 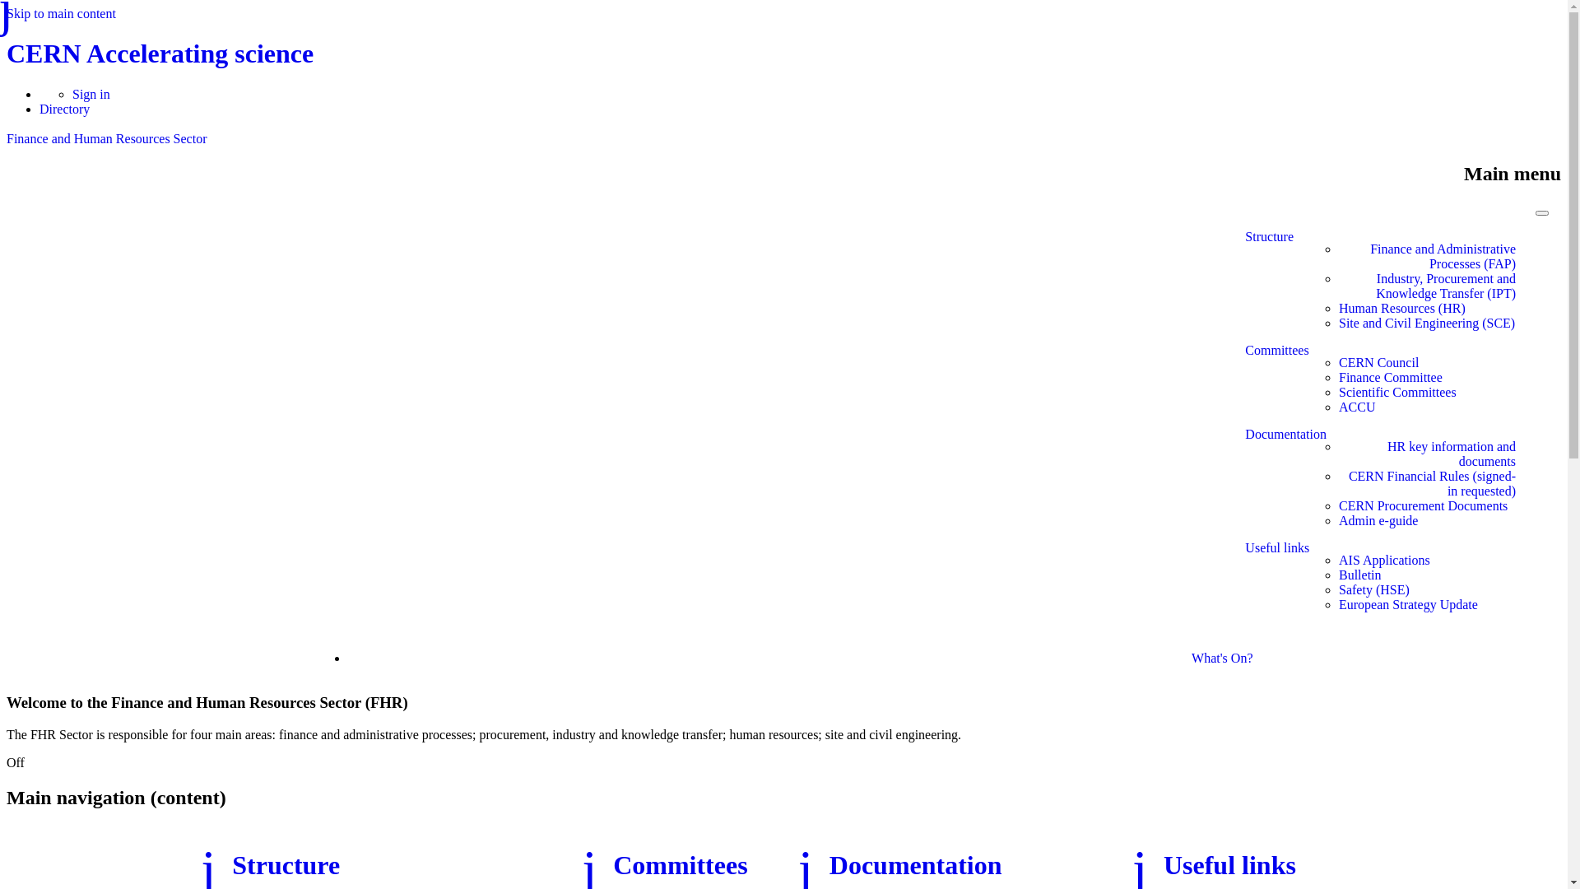 What do you see at coordinates (1339, 560) in the screenshot?
I see `'AIS Applications'` at bounding box center [1339, 560].